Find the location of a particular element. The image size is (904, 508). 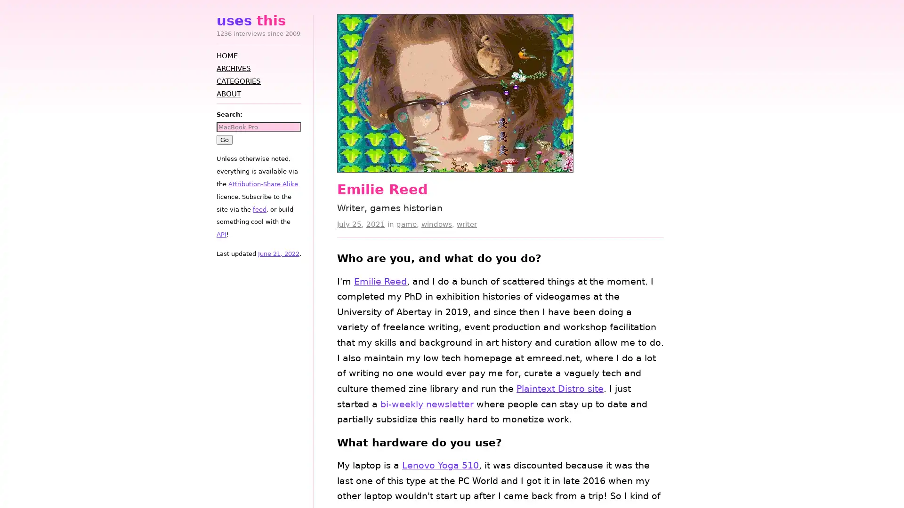

Go is located at coordinates (224, 139).